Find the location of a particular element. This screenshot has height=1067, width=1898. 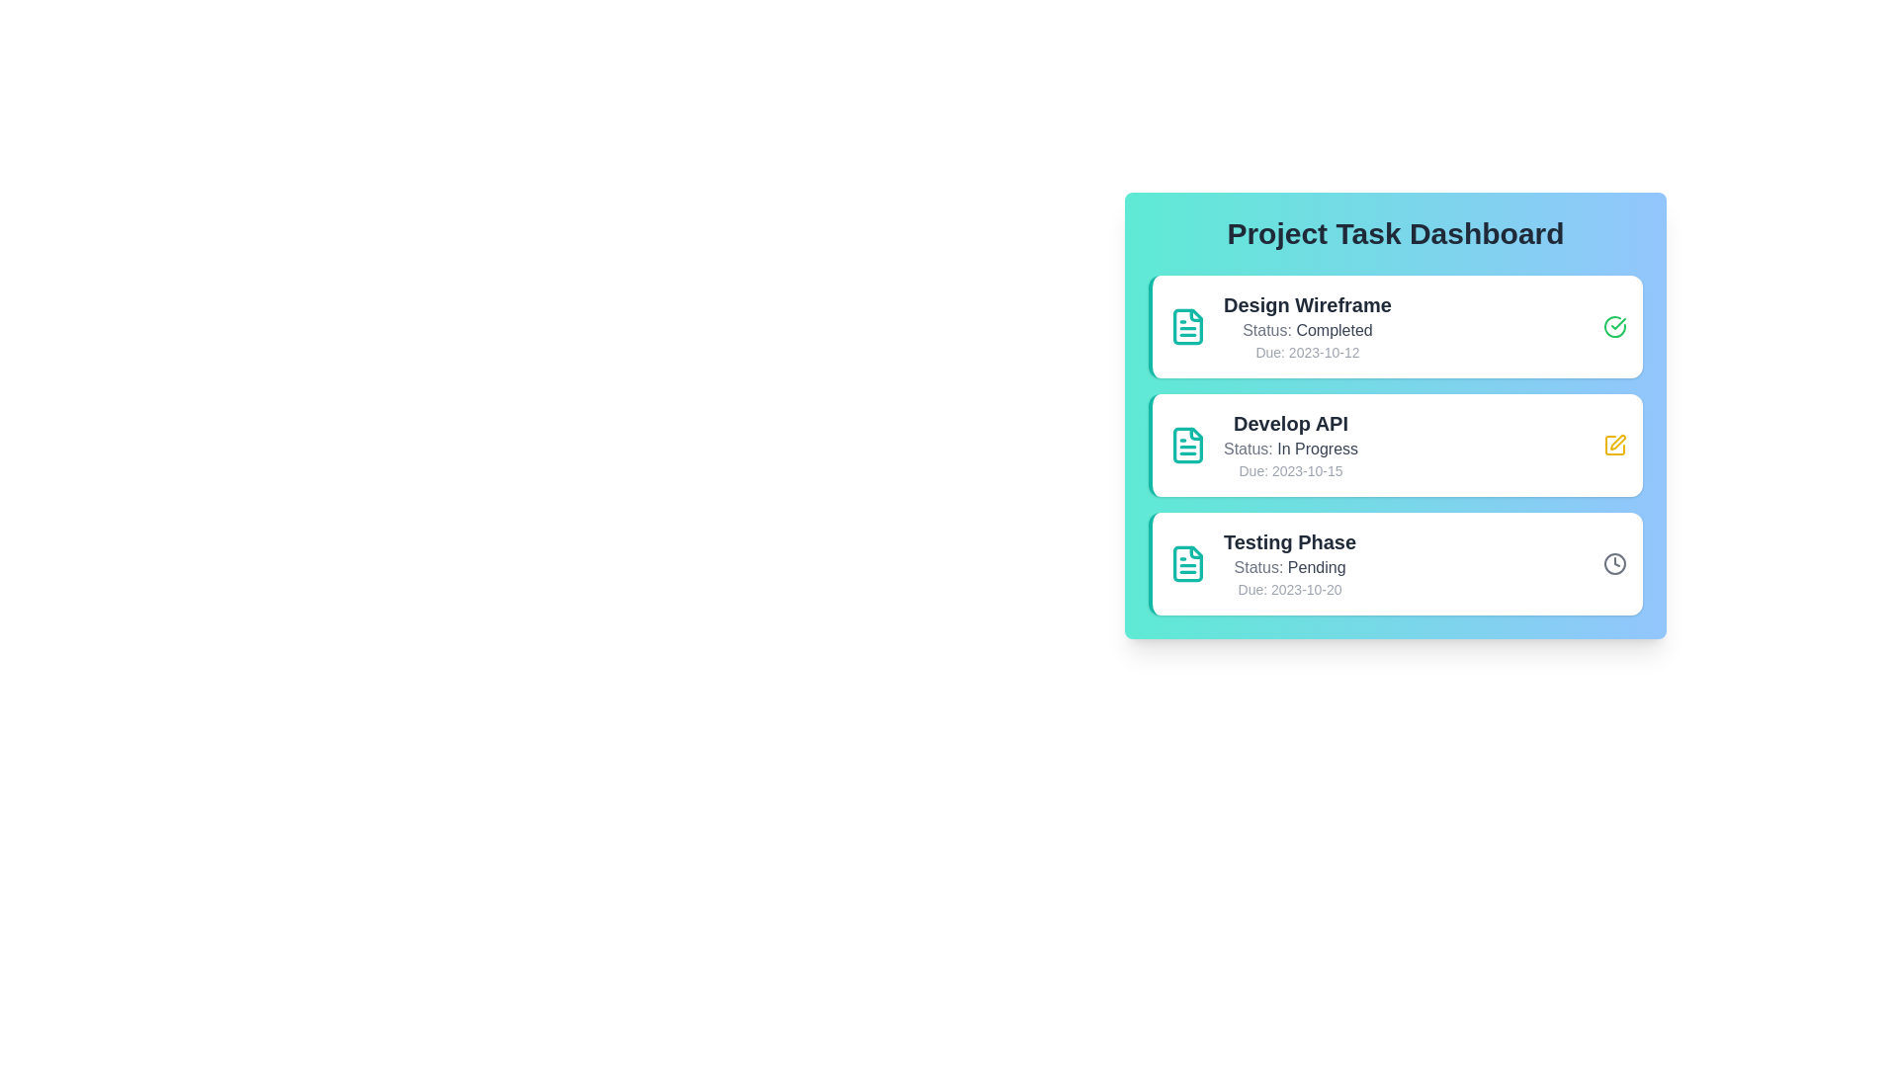

the status icon for the task with status Pending is located at coordinates (1614, 563).